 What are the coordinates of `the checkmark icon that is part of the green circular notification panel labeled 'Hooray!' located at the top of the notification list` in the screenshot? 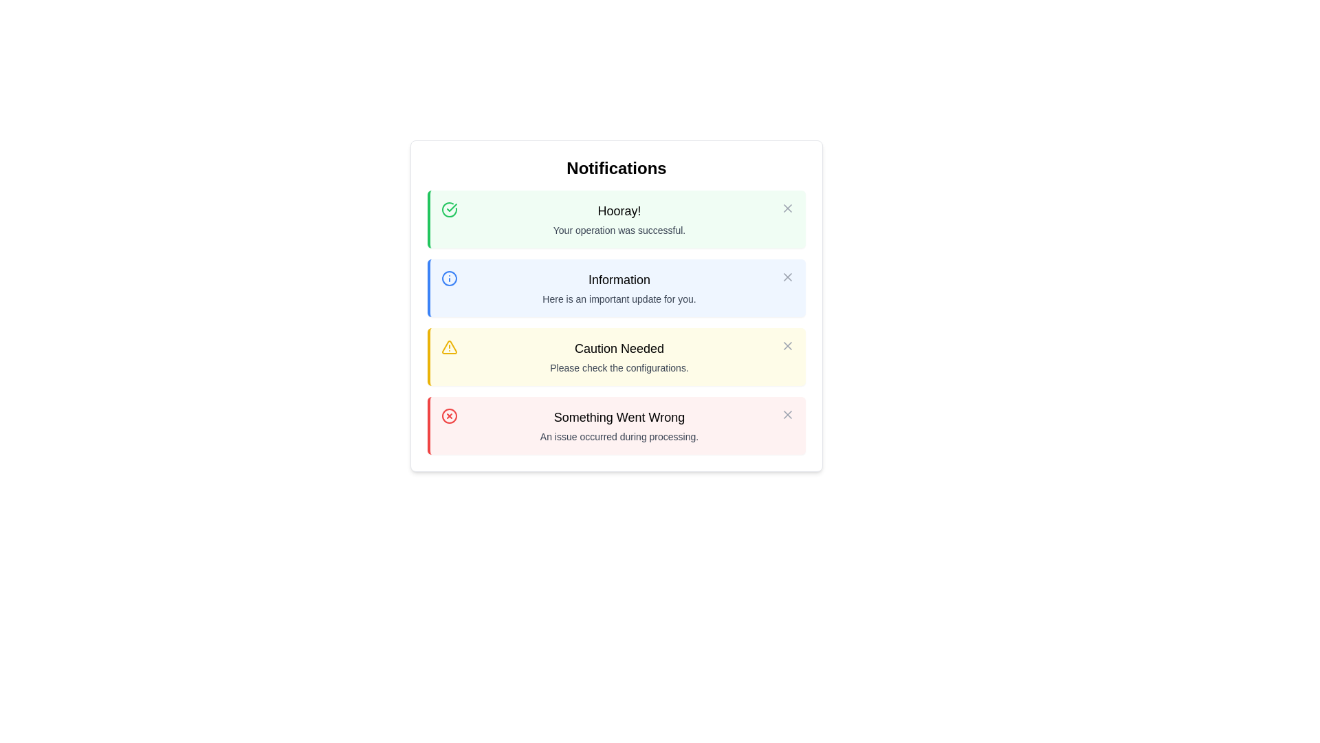 It's located at (452, 207).